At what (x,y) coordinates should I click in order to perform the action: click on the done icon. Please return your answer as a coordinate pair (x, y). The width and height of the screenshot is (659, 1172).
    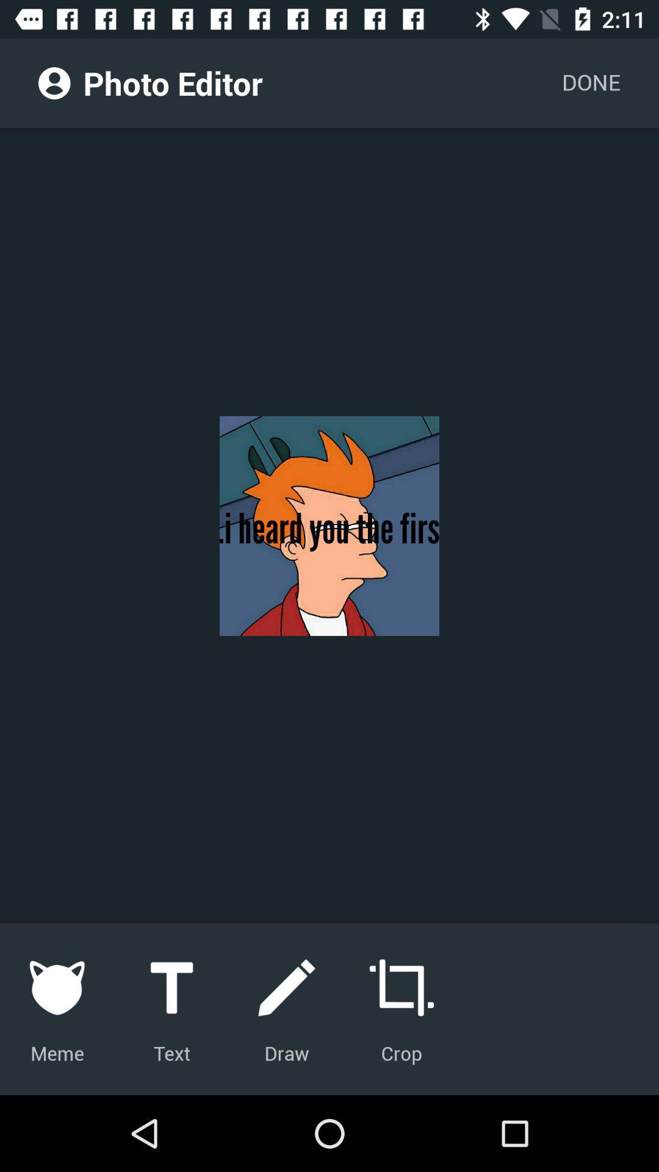
    Looking at the image, I should click on (590, 82).